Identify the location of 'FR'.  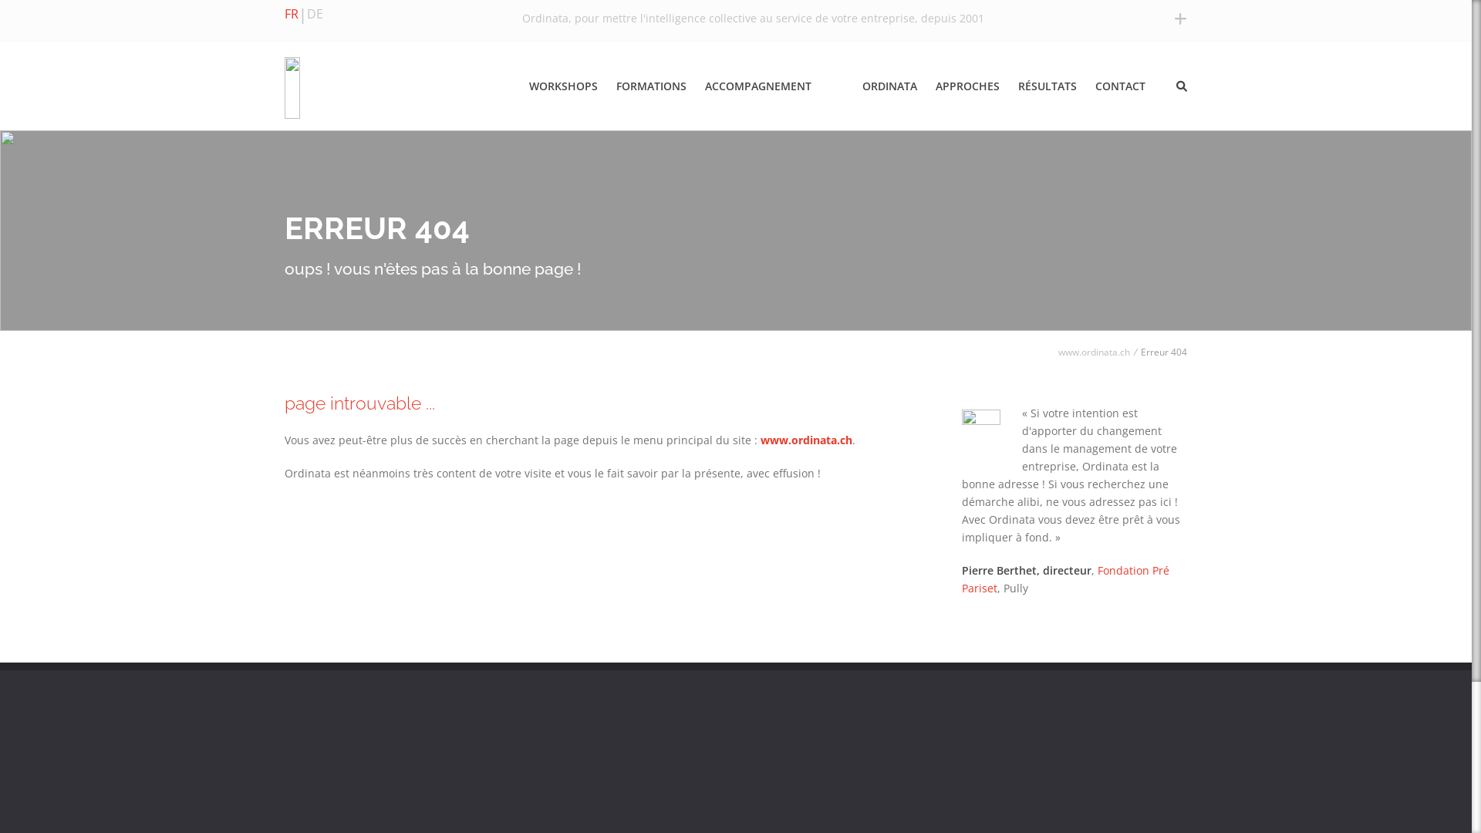
(292, 14).